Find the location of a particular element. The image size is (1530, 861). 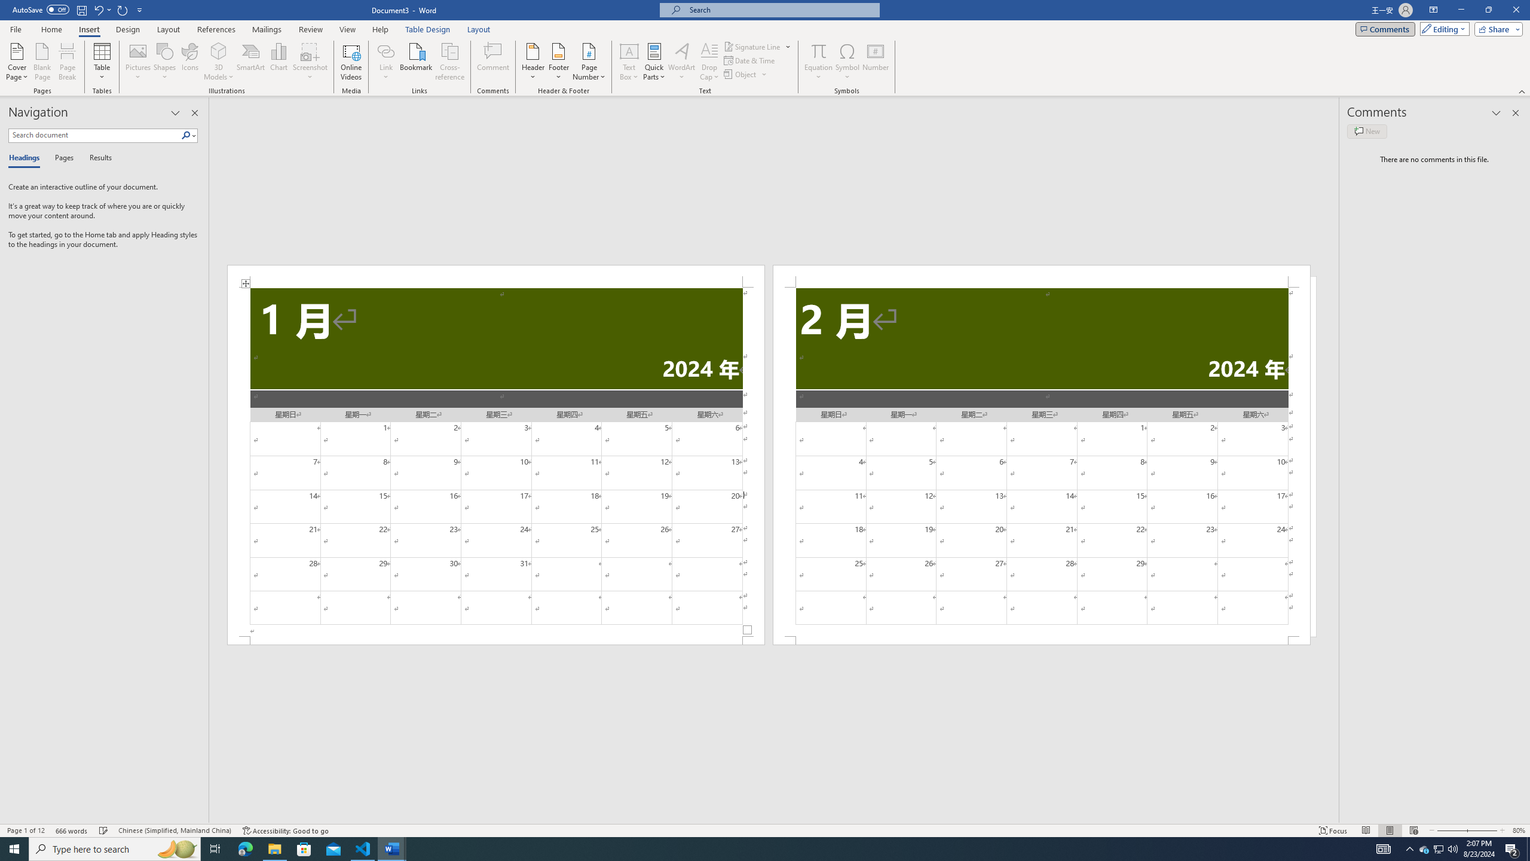

'Restore Down' is located at coordinates (1488, 10).